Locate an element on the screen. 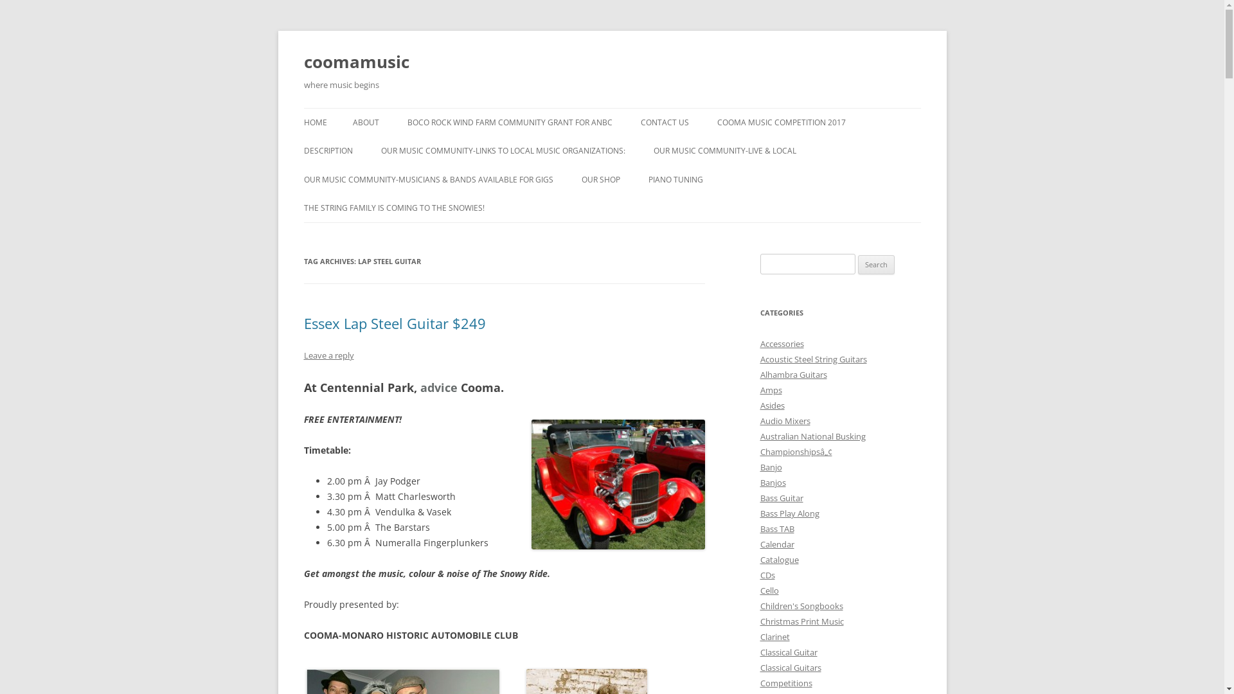 Image resolution: width=1234 pixels, height=694 pixels. 'OUR MUSIC COMMUNITY-LIVE & LOCAL' is located at coordinates (724, 150).